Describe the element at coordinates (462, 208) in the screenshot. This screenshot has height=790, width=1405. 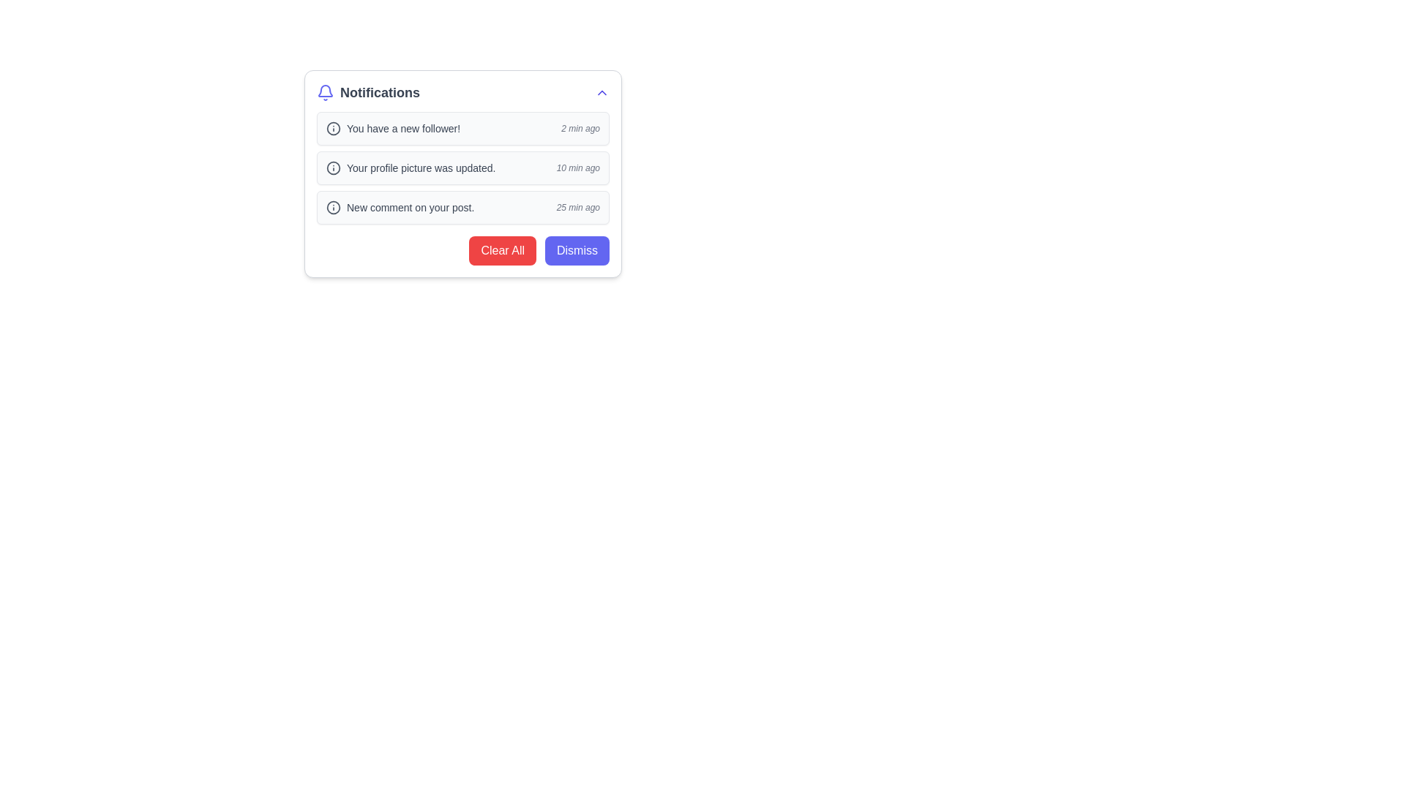
I see `the third notification alert regarding a new comment on the user's post, located in the notification panel` at that location.